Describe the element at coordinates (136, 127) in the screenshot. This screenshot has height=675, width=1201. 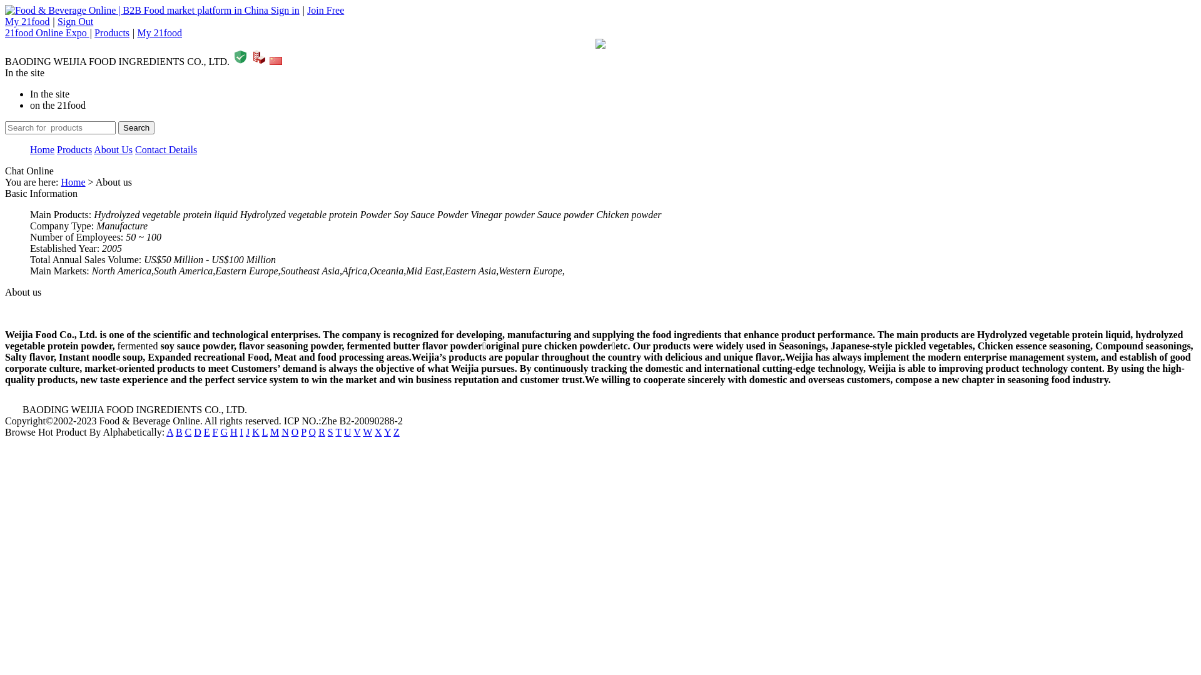
I see `'Search'` at that location.